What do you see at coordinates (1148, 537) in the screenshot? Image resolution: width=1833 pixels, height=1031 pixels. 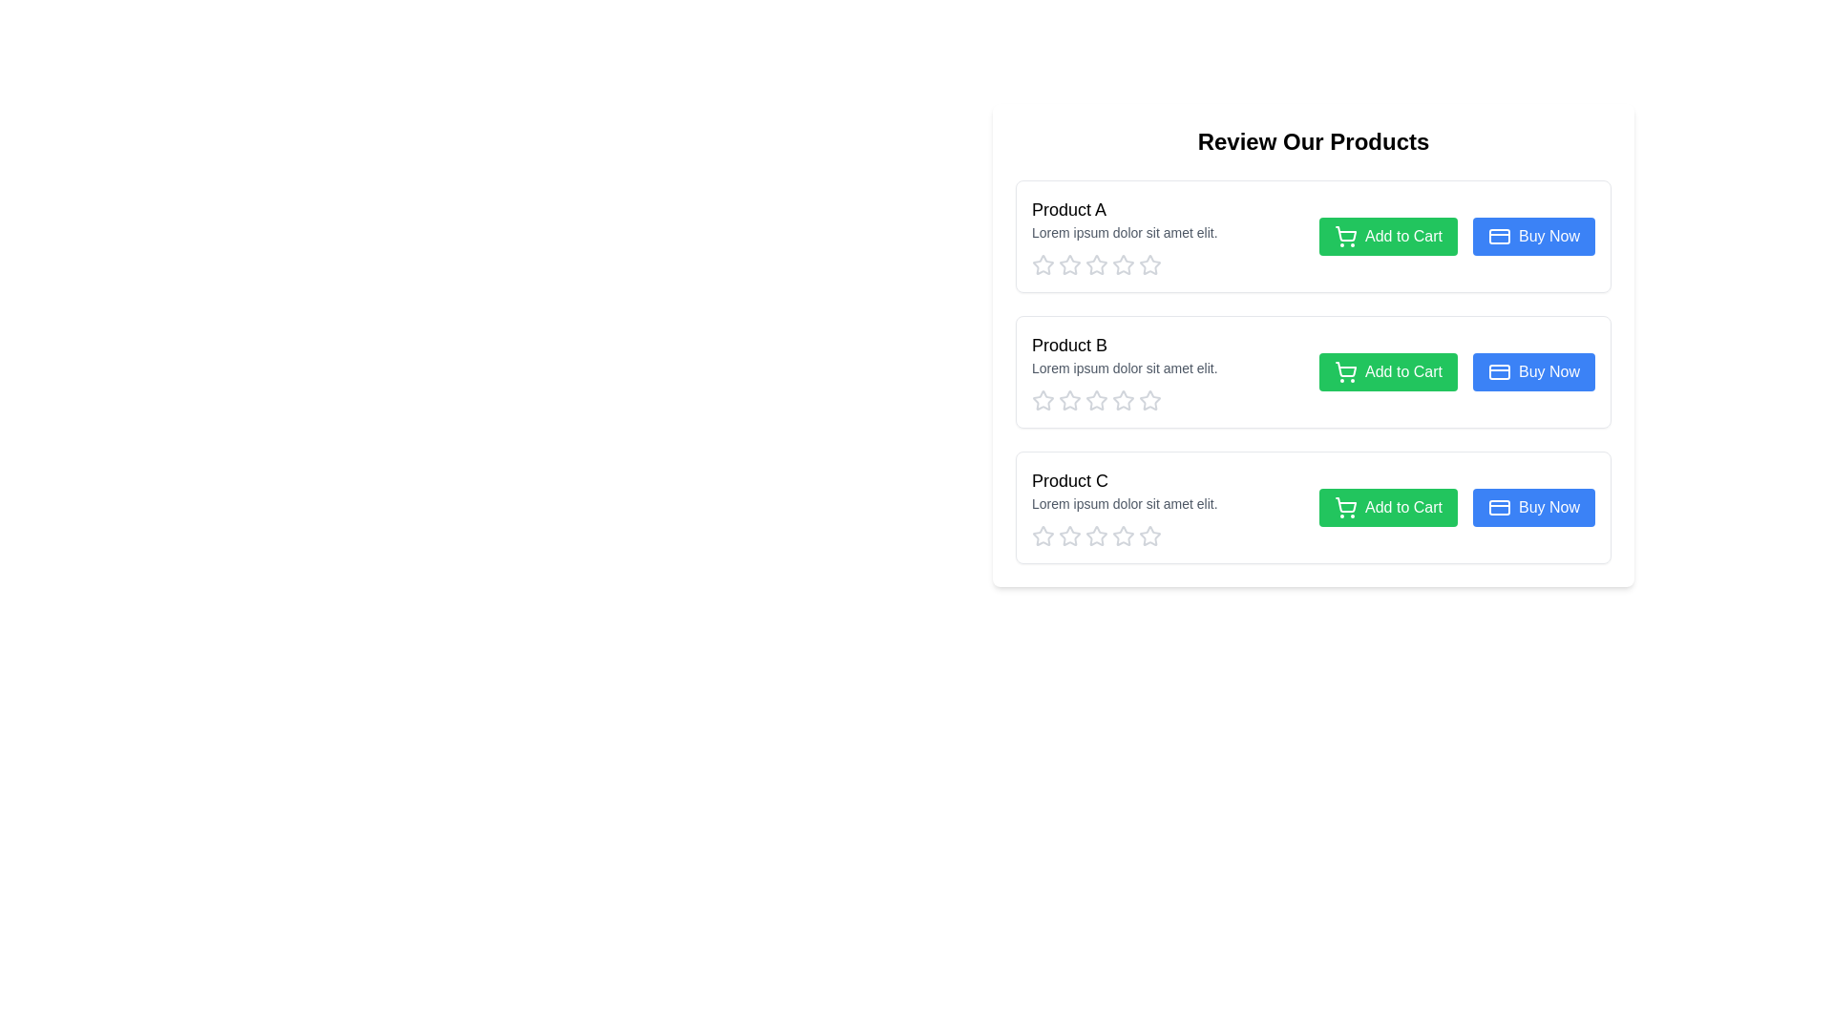 I see `the fifth empty rating star icon, which is styled in light gray and is located below the product information for 'Product C', to rate it` at bounding box center [1148, 537].